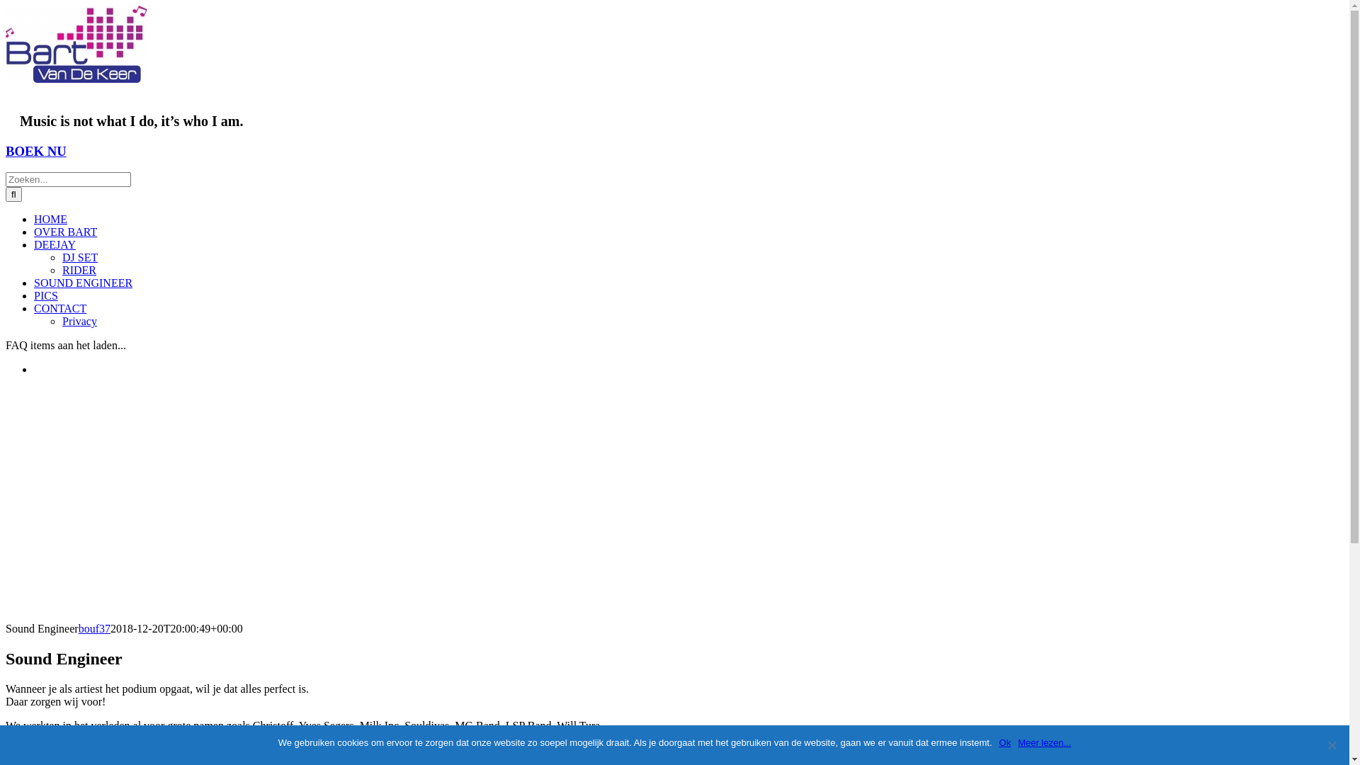 This screenshot has height=765, width=1360. What do you see at coordinates (50, 219) in the screenshot?
I see `'HOME'` at bounding box center [50, 219].